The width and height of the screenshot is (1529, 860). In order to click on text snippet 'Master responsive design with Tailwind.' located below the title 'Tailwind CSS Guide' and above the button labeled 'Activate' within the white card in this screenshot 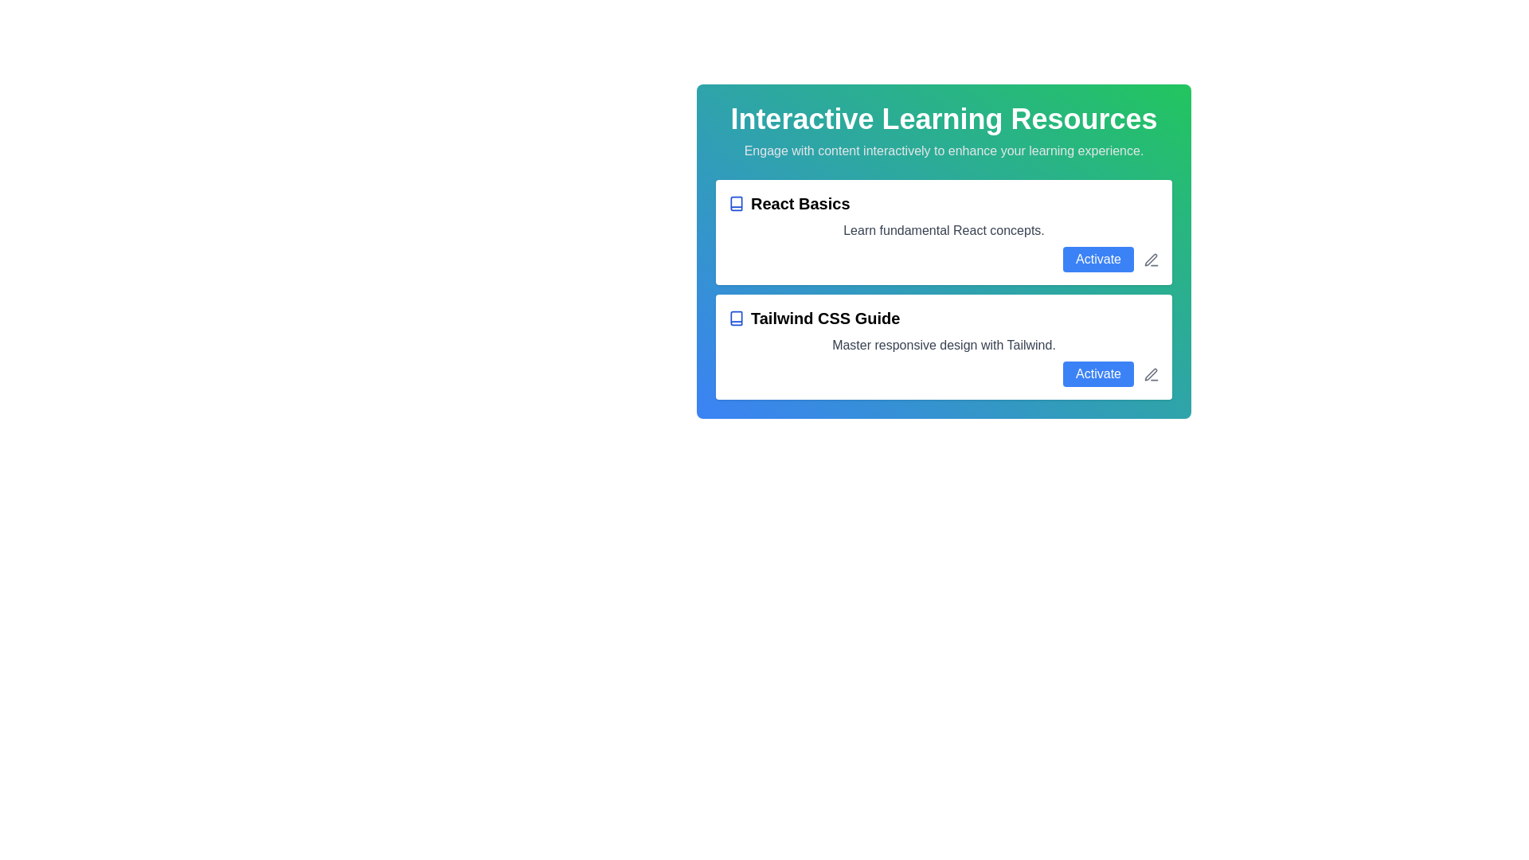, I will do `click(944, 345)`.